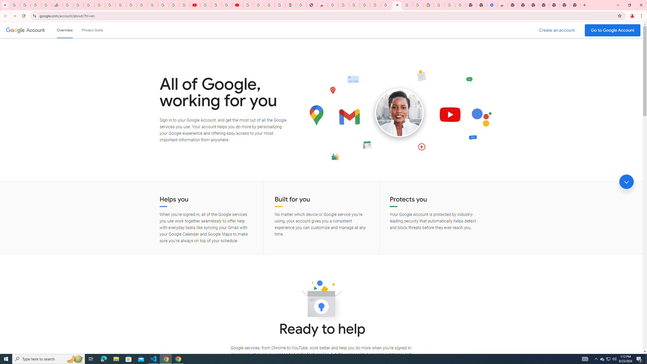  I want to click on 'Atour Hotel - Google hotels', so click(290, 5).